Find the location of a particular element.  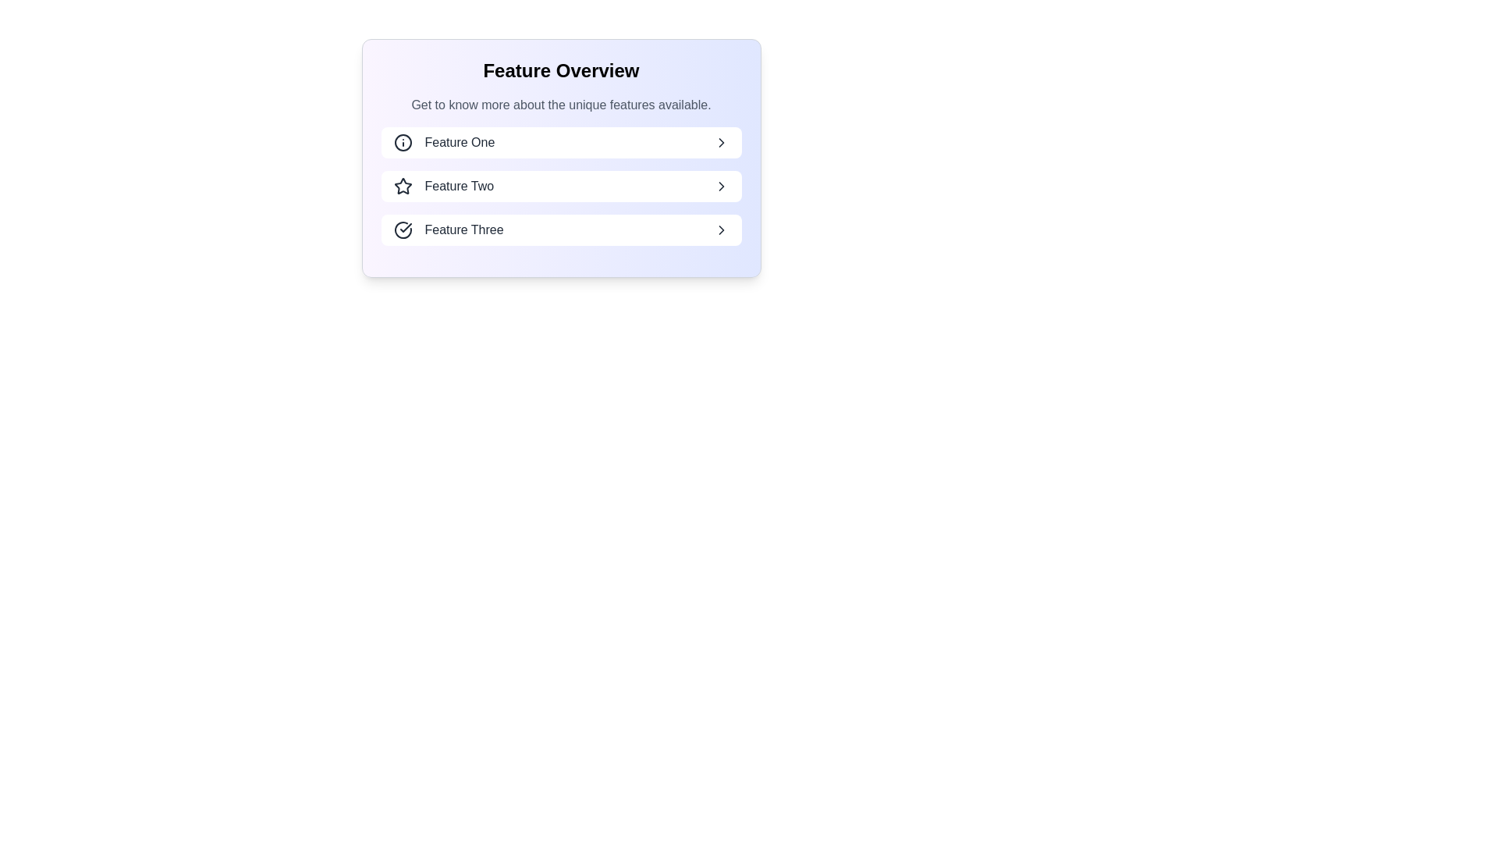

the circular icon with a check mark inside, located to the left of the text 'Feature Three' is located at coordinates (403, 229).